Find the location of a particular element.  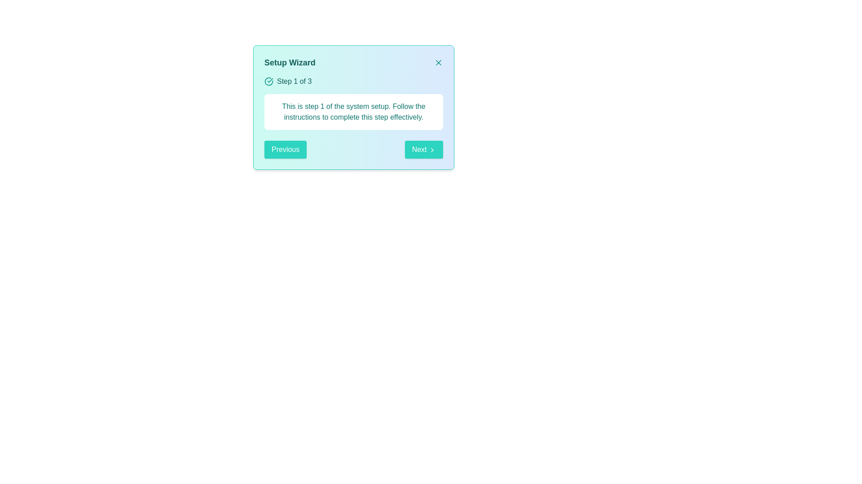

the 'Close' button to close the wizard is located at coordinates (439, 62).